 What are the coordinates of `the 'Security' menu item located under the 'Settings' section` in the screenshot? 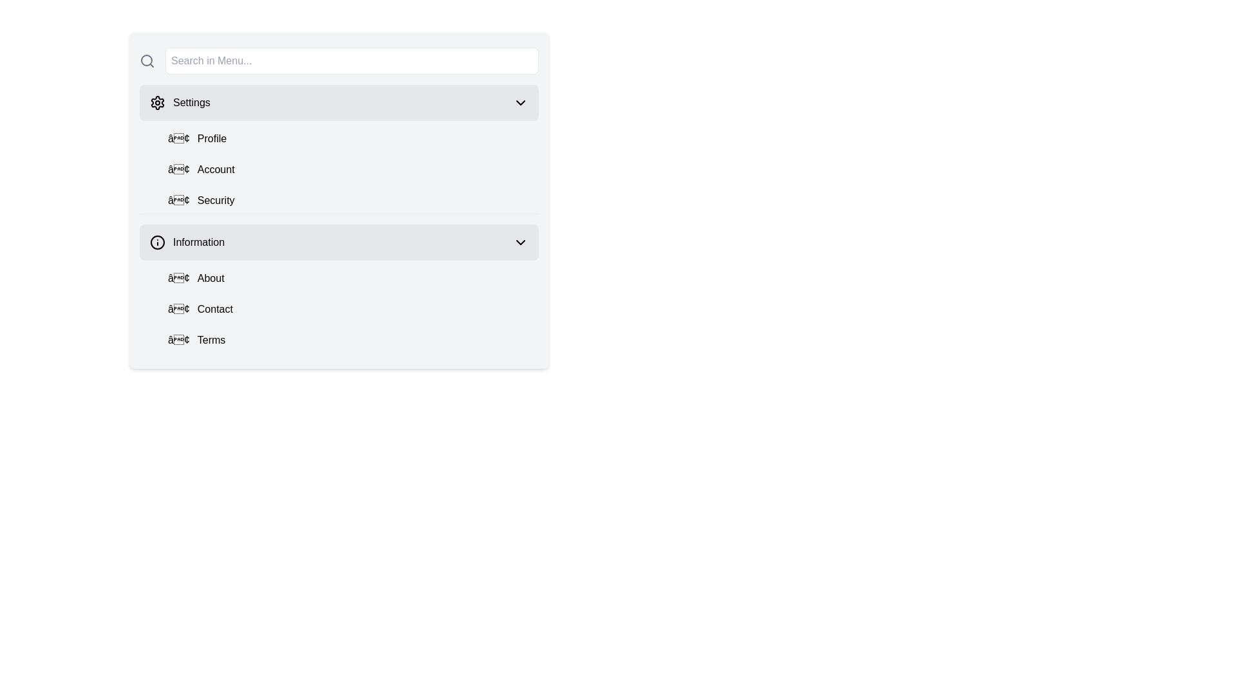 It's located at (339, 201).